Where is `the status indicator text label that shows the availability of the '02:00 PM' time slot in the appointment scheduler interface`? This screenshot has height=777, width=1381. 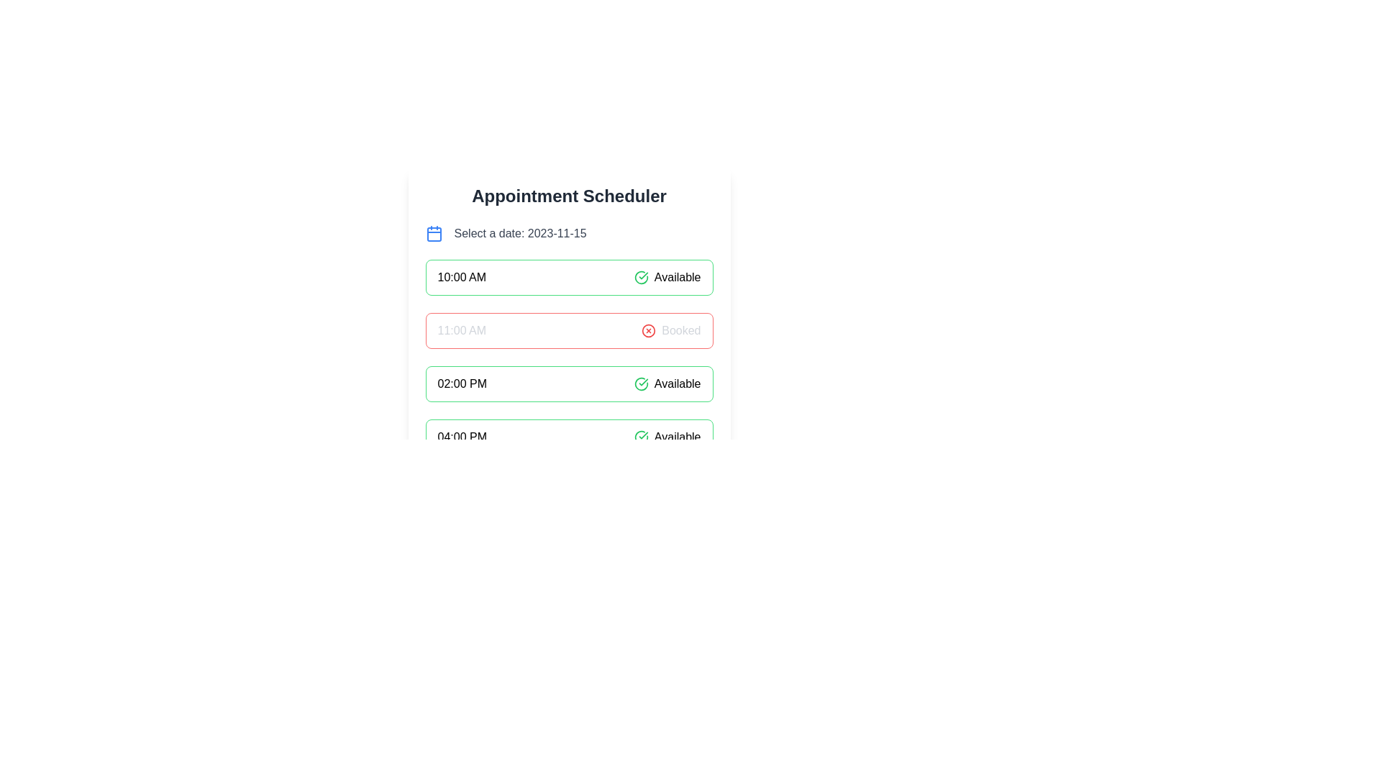
the status indicator text label that shows the availability of the '02:00 PM' time slot in the appointment scheduler interface is located at coordinates (677, 383).